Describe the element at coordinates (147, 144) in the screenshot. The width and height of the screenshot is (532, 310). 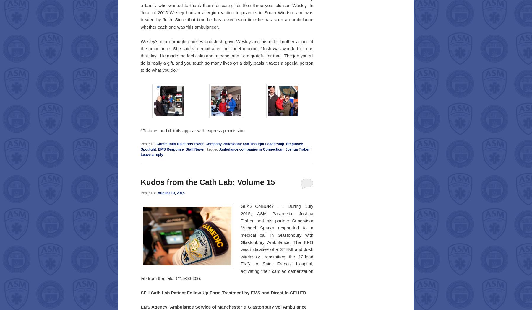
I see `'Posted in'` at that location.